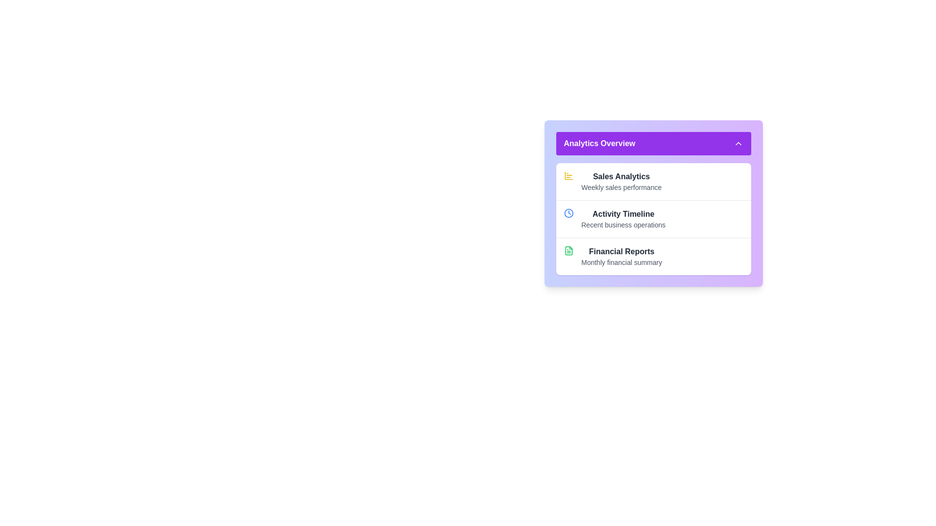 The height and width of the screenshot is (526, 936). What do you see at coordinates (653, 143) in the screenshot?
I see `the 'Analytics Overview' button with a vibrant purple background` at bounding box center [653, 143].